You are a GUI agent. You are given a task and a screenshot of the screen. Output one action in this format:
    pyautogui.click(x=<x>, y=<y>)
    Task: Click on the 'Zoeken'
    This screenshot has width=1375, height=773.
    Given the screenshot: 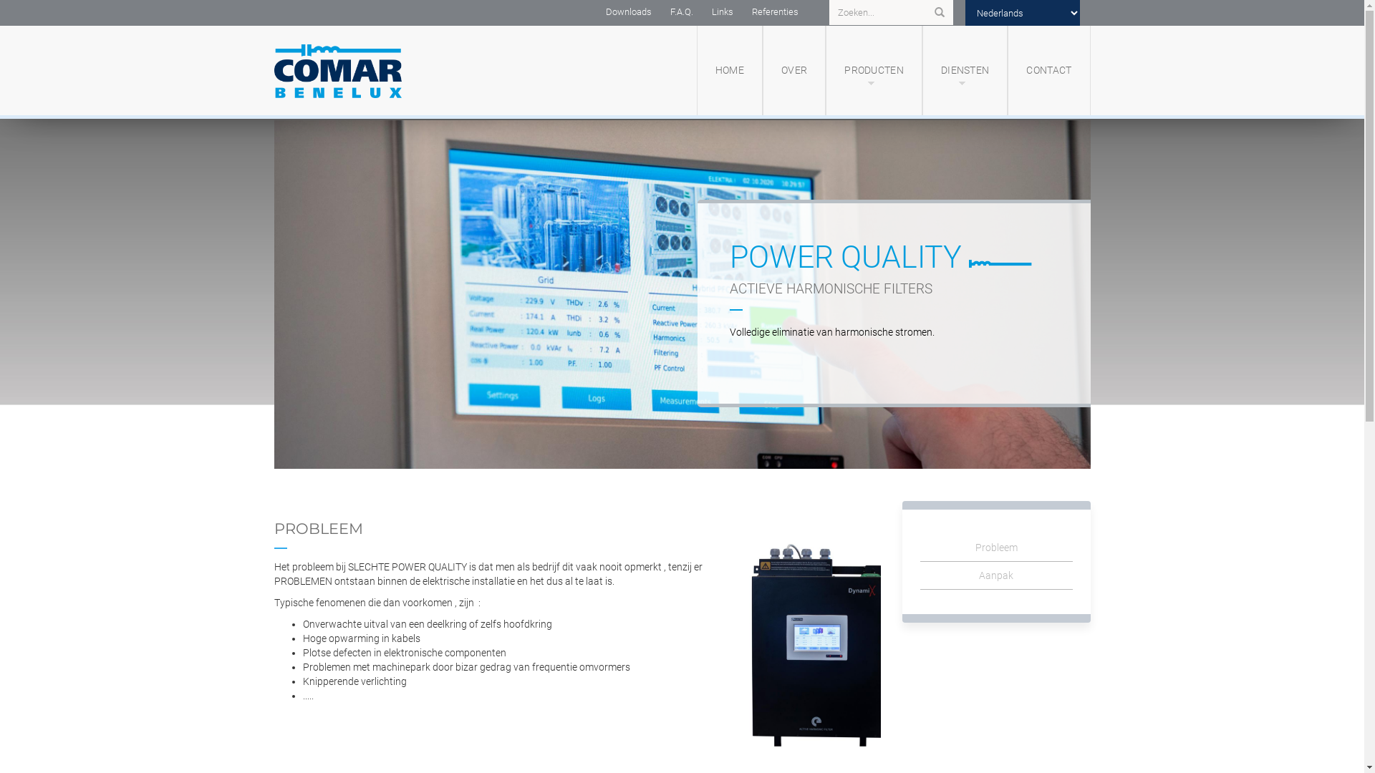 What is the action you would take?
    pyautogui.click(x=938, y=12)
    